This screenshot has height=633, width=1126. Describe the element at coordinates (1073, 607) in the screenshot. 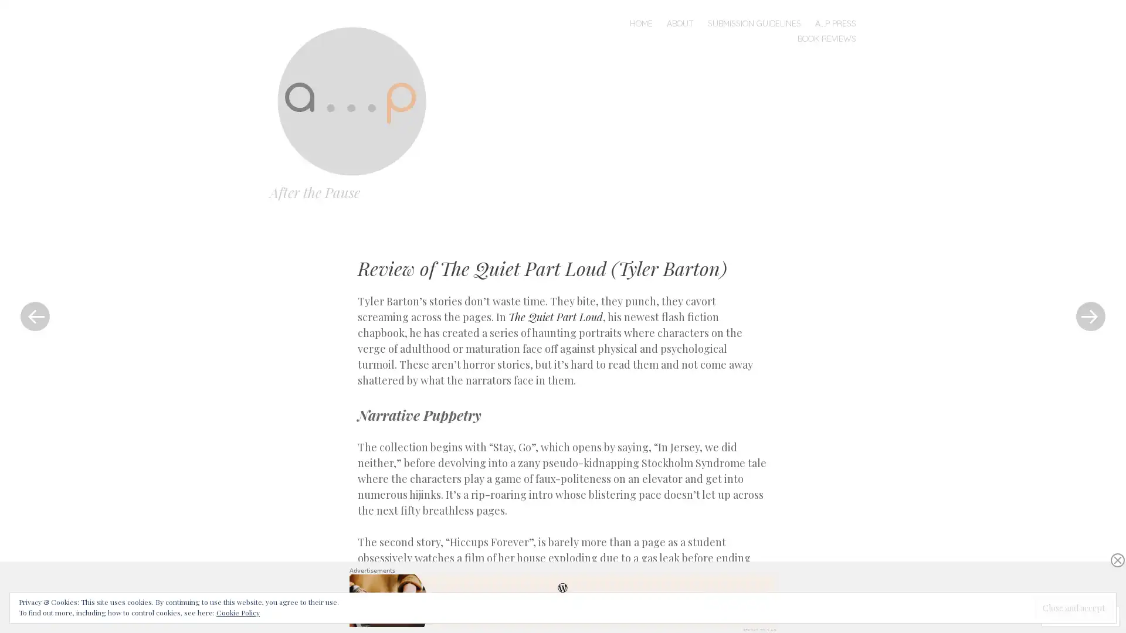

I see `Close and accept` at that location.